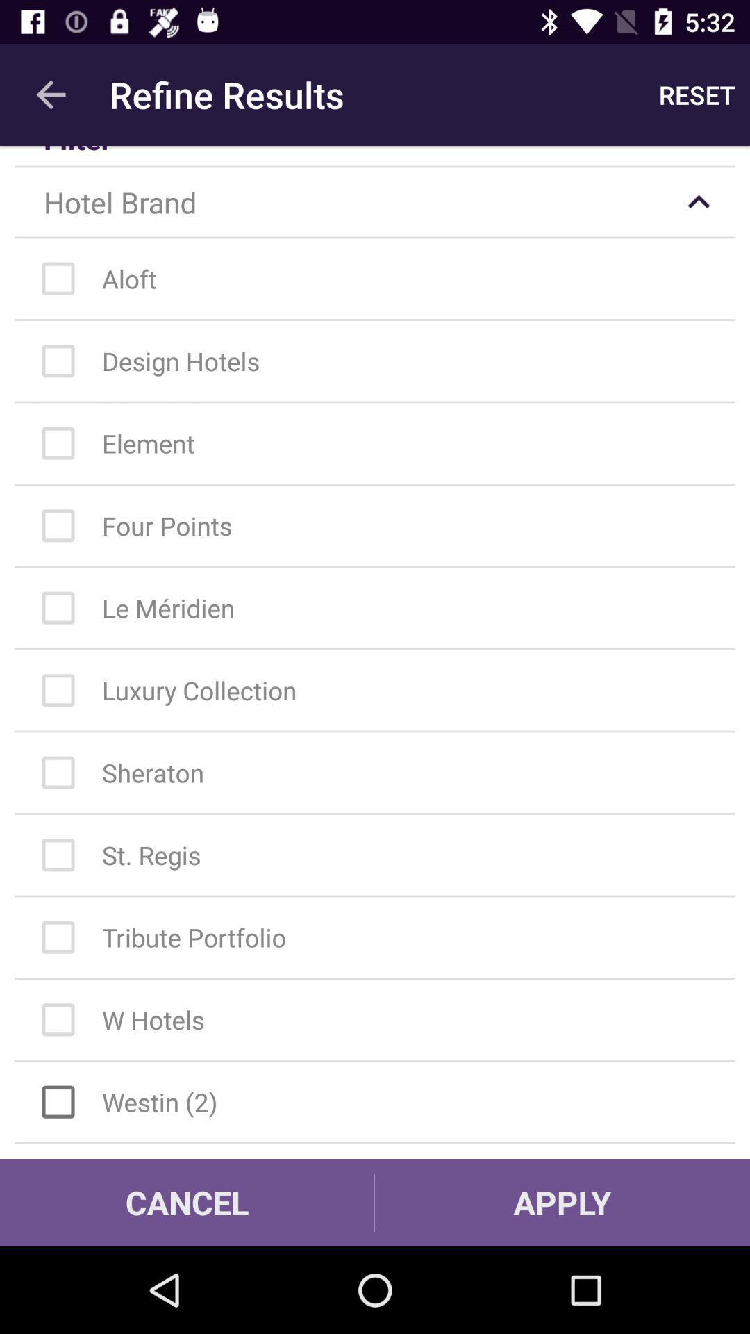 The image size is (750, 1334). I want to click on w hotels, so click(382, 1020).